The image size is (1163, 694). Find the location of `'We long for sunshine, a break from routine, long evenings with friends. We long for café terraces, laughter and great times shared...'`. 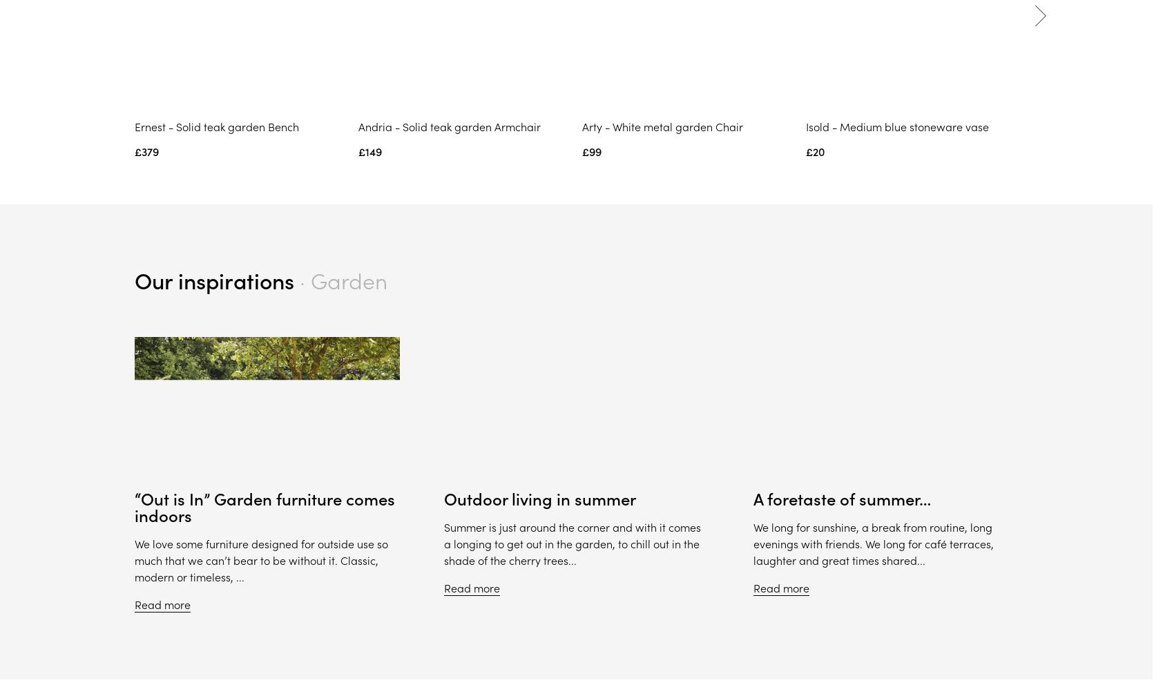

'We long for sunshine, a break from routine, long evenings with friends. We long for café terraces, laughter and great times shared...' is located at coordinates (872, 544).